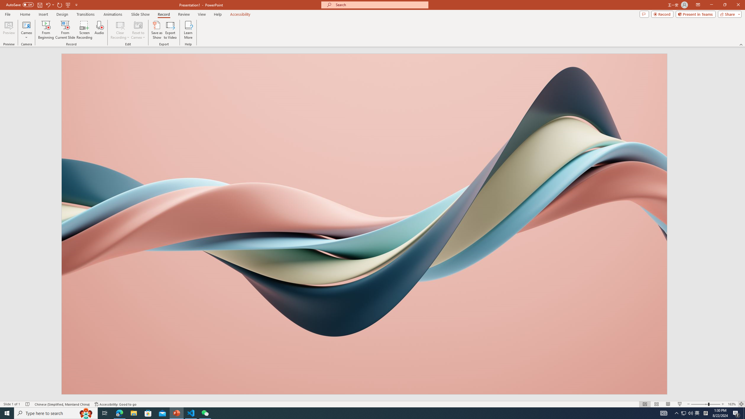  I want to click on 'From Beginning...', so click(45, 30).